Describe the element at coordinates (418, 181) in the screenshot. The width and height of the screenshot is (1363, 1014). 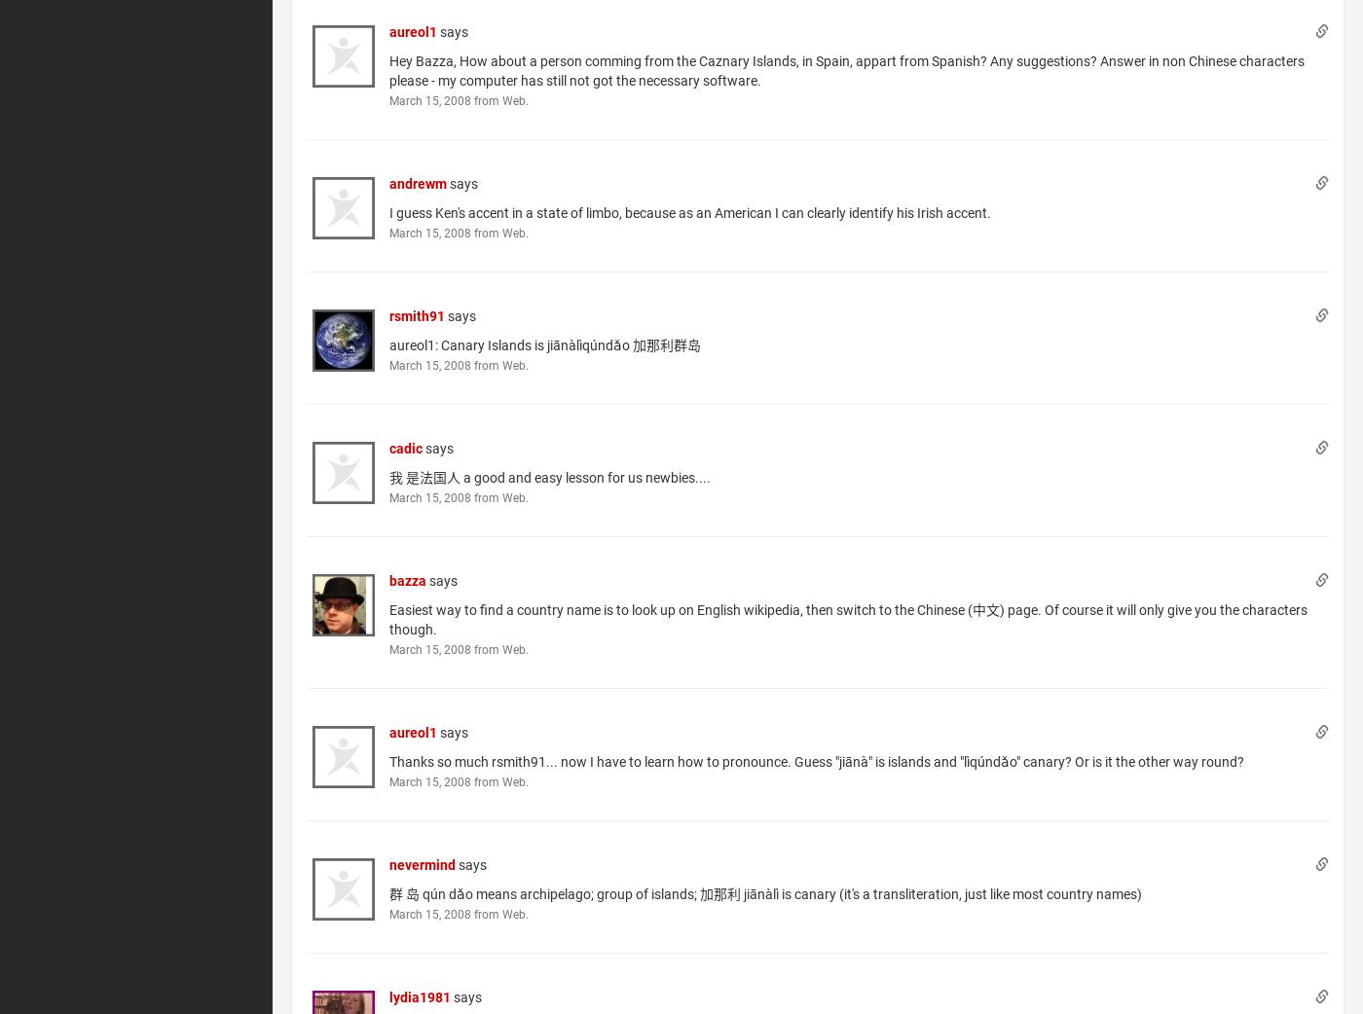
I see `'andrewm'` at that location.